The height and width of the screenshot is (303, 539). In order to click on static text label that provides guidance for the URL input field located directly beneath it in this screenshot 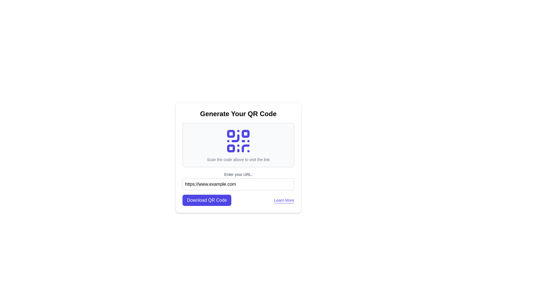, I will do `click(238, 174)`.